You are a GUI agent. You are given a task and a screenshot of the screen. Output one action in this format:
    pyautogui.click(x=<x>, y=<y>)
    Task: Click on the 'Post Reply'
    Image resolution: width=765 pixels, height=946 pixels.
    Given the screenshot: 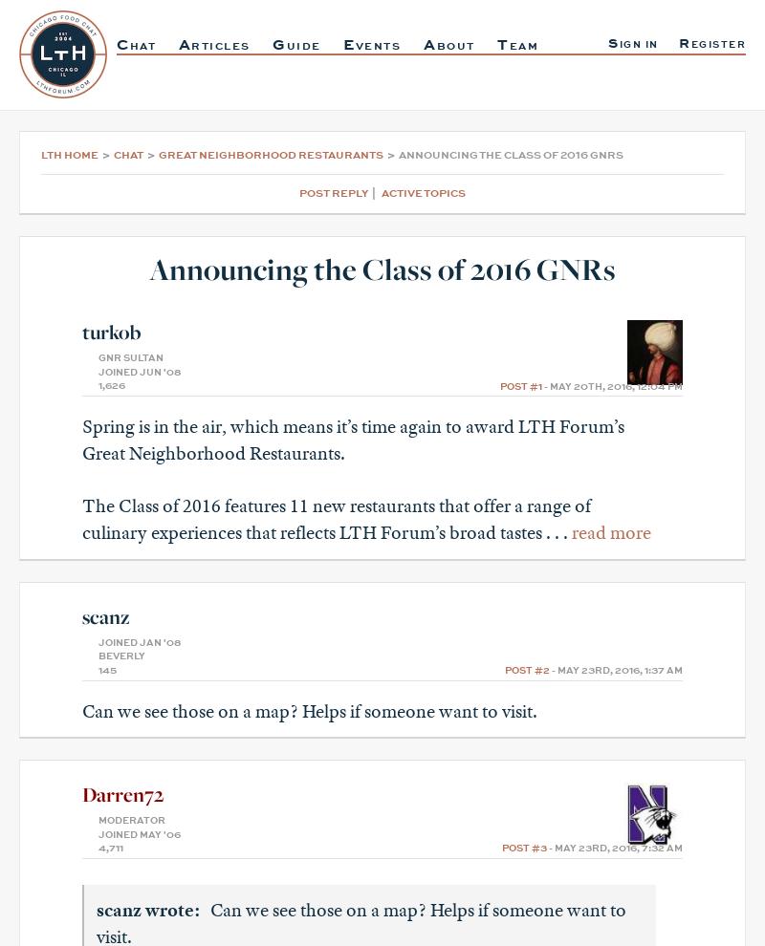 What is the action you would take?
    pyautogui.click(x=334, y=192)
    